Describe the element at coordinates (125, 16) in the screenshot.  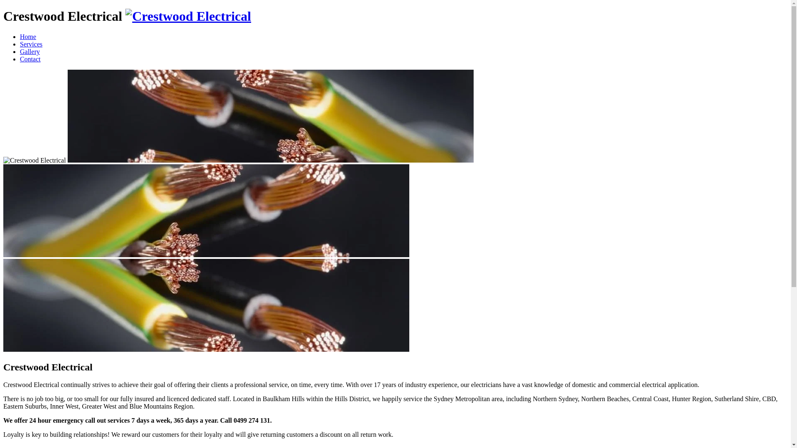
I see `'Crestwood Electrical'` at that location.